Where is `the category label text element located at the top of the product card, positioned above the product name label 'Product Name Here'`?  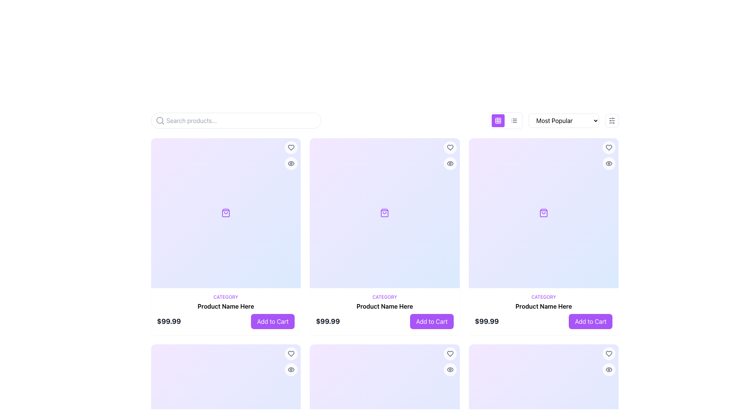
the category label text element located at the top of the product card, positioned above the product name label 'Product Name Here' is located at coordinates (543, 296).